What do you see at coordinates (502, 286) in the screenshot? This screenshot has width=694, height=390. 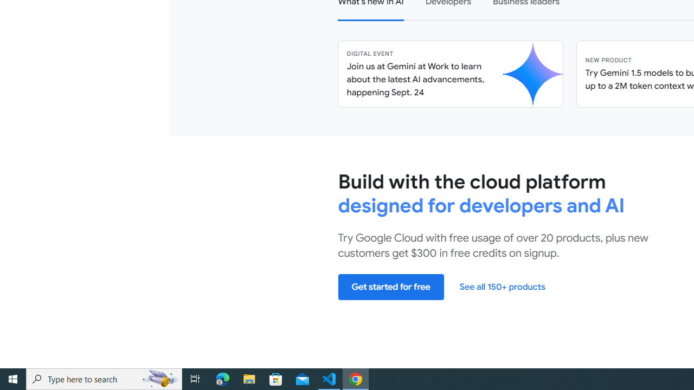 I see `'See all 150+ products'` at bounding box center [502, 286].